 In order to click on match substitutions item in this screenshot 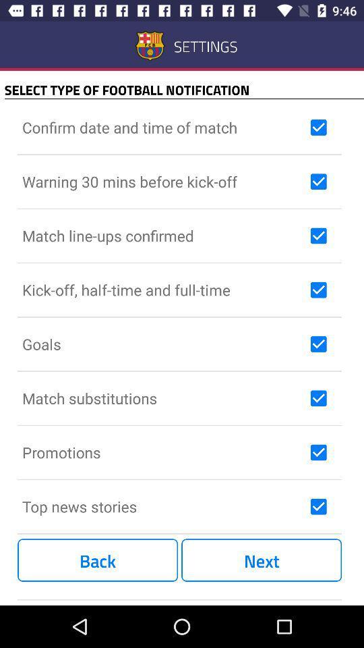, I will do `click(163, 398)`.